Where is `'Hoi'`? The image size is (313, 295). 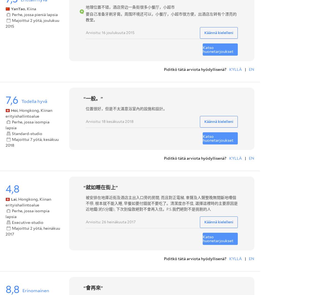 'Hoi' is located at coordinates (11, 110).